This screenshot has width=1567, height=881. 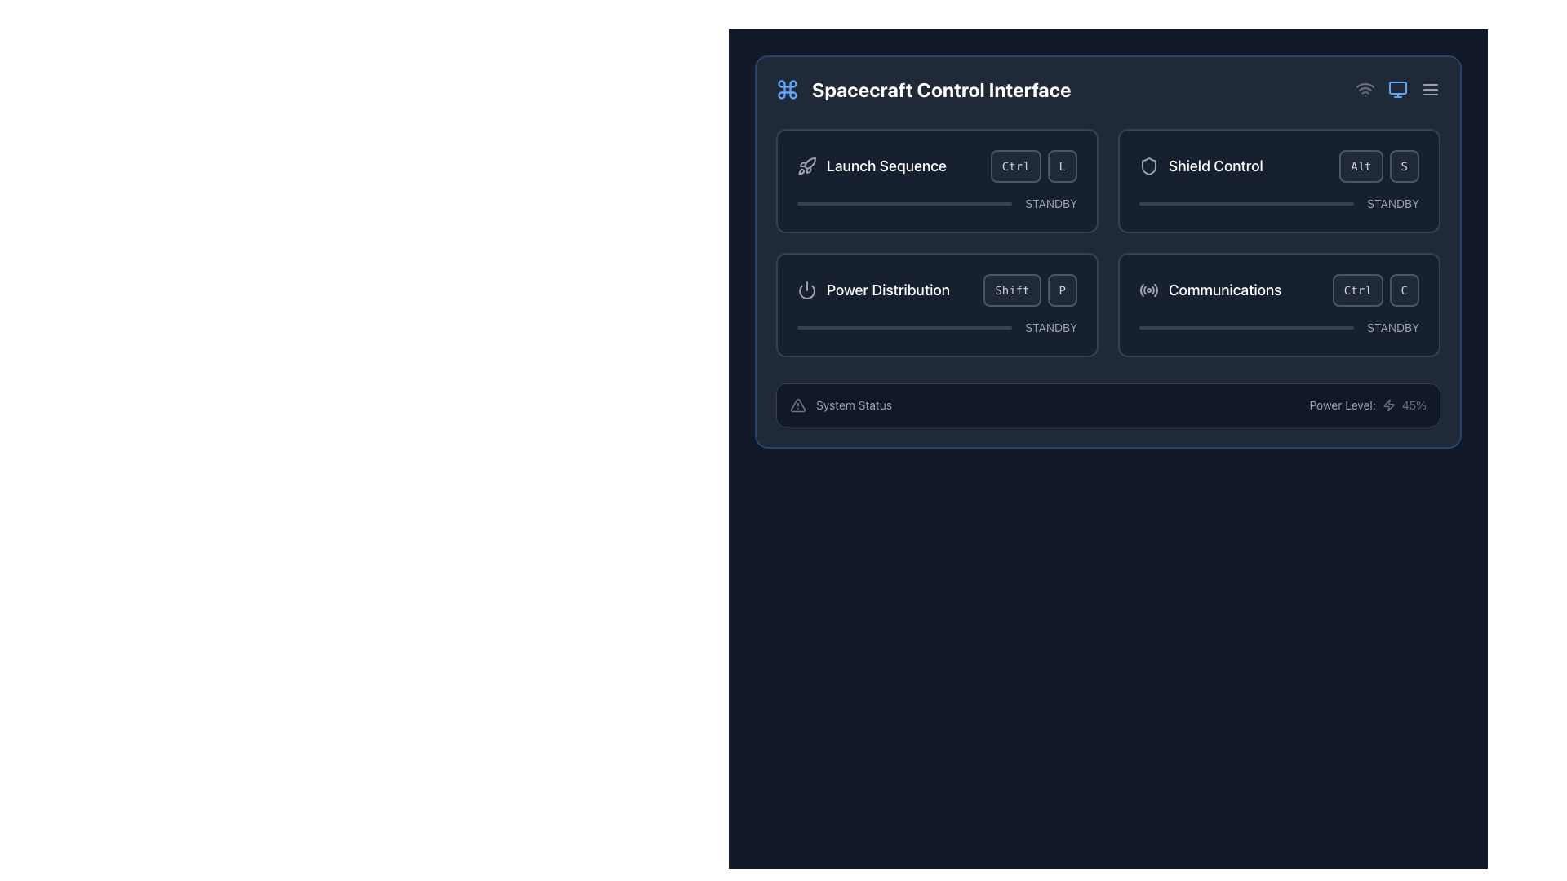 I want to click on the text label 'Power Distribution' which is displayed in bold, white font on a dark background, located in the second row of the interface, to the left of the power icon, so click(x=887, y=289).